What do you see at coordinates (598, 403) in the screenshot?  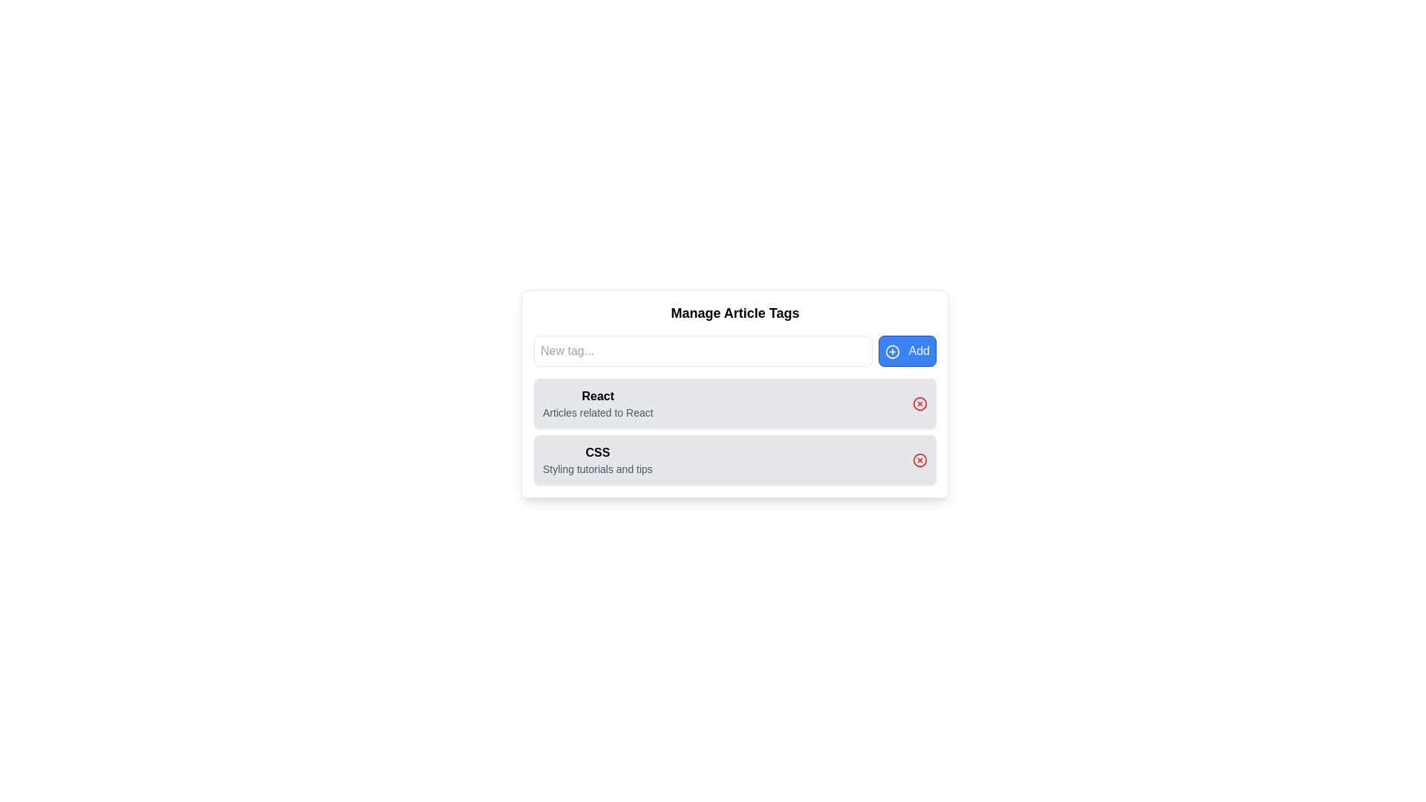 I see `text of the first item in the 'Manage Article Tags' interface, which displays 'React' in bold and 'Articles related to React' in a smaller font` at bounding box center [598, 403].